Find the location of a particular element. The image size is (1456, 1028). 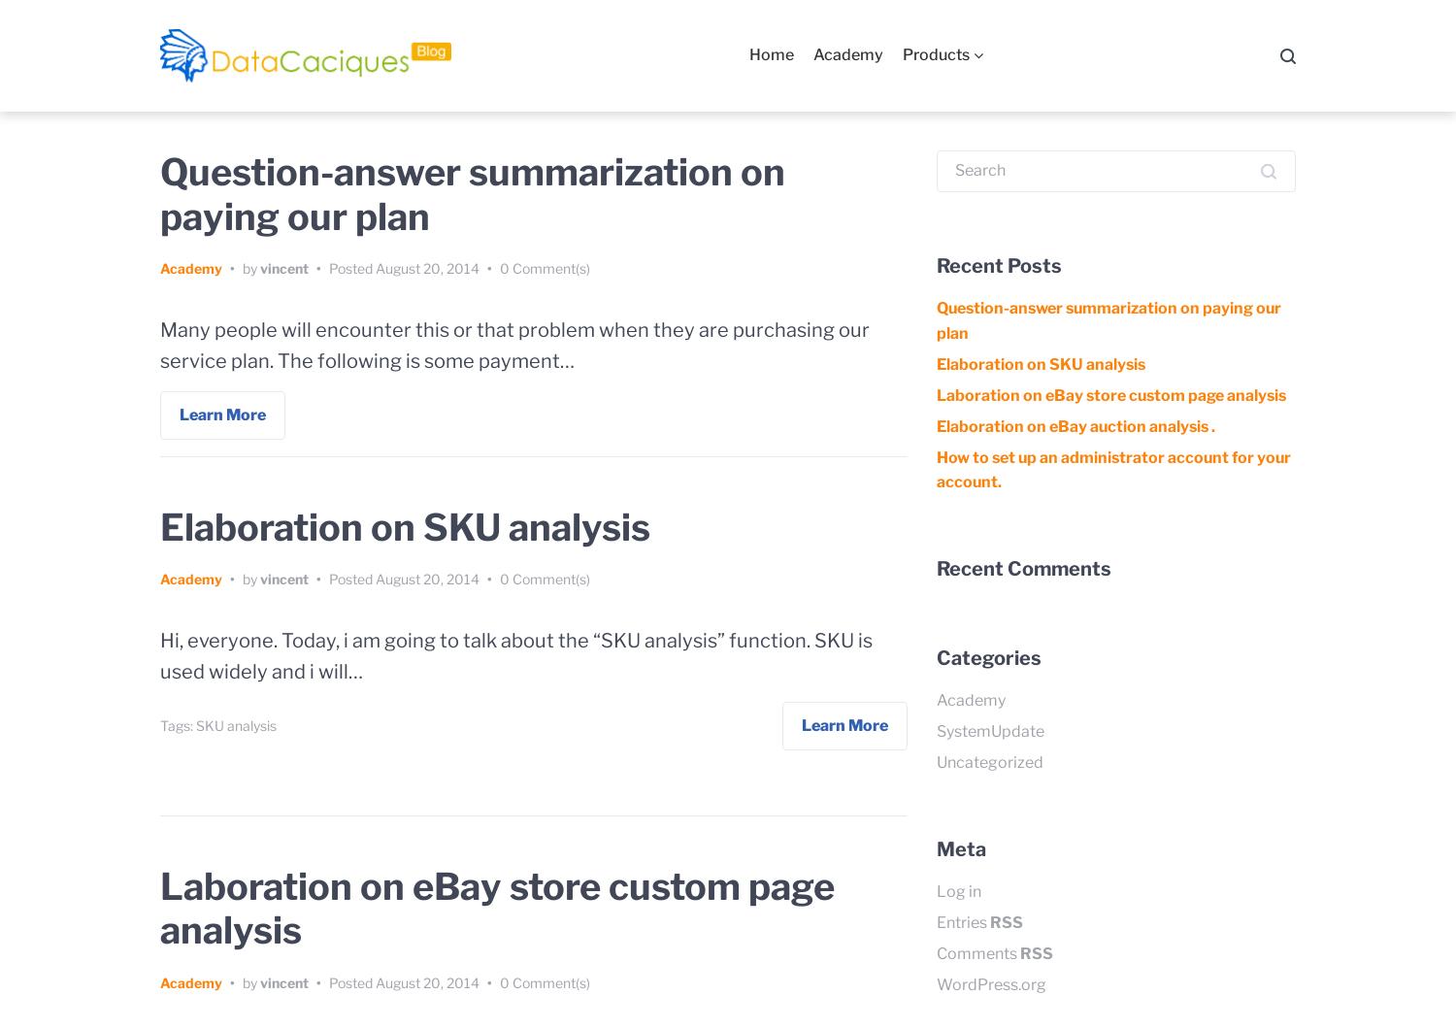

'Home' is located at coordinates (770, 54).